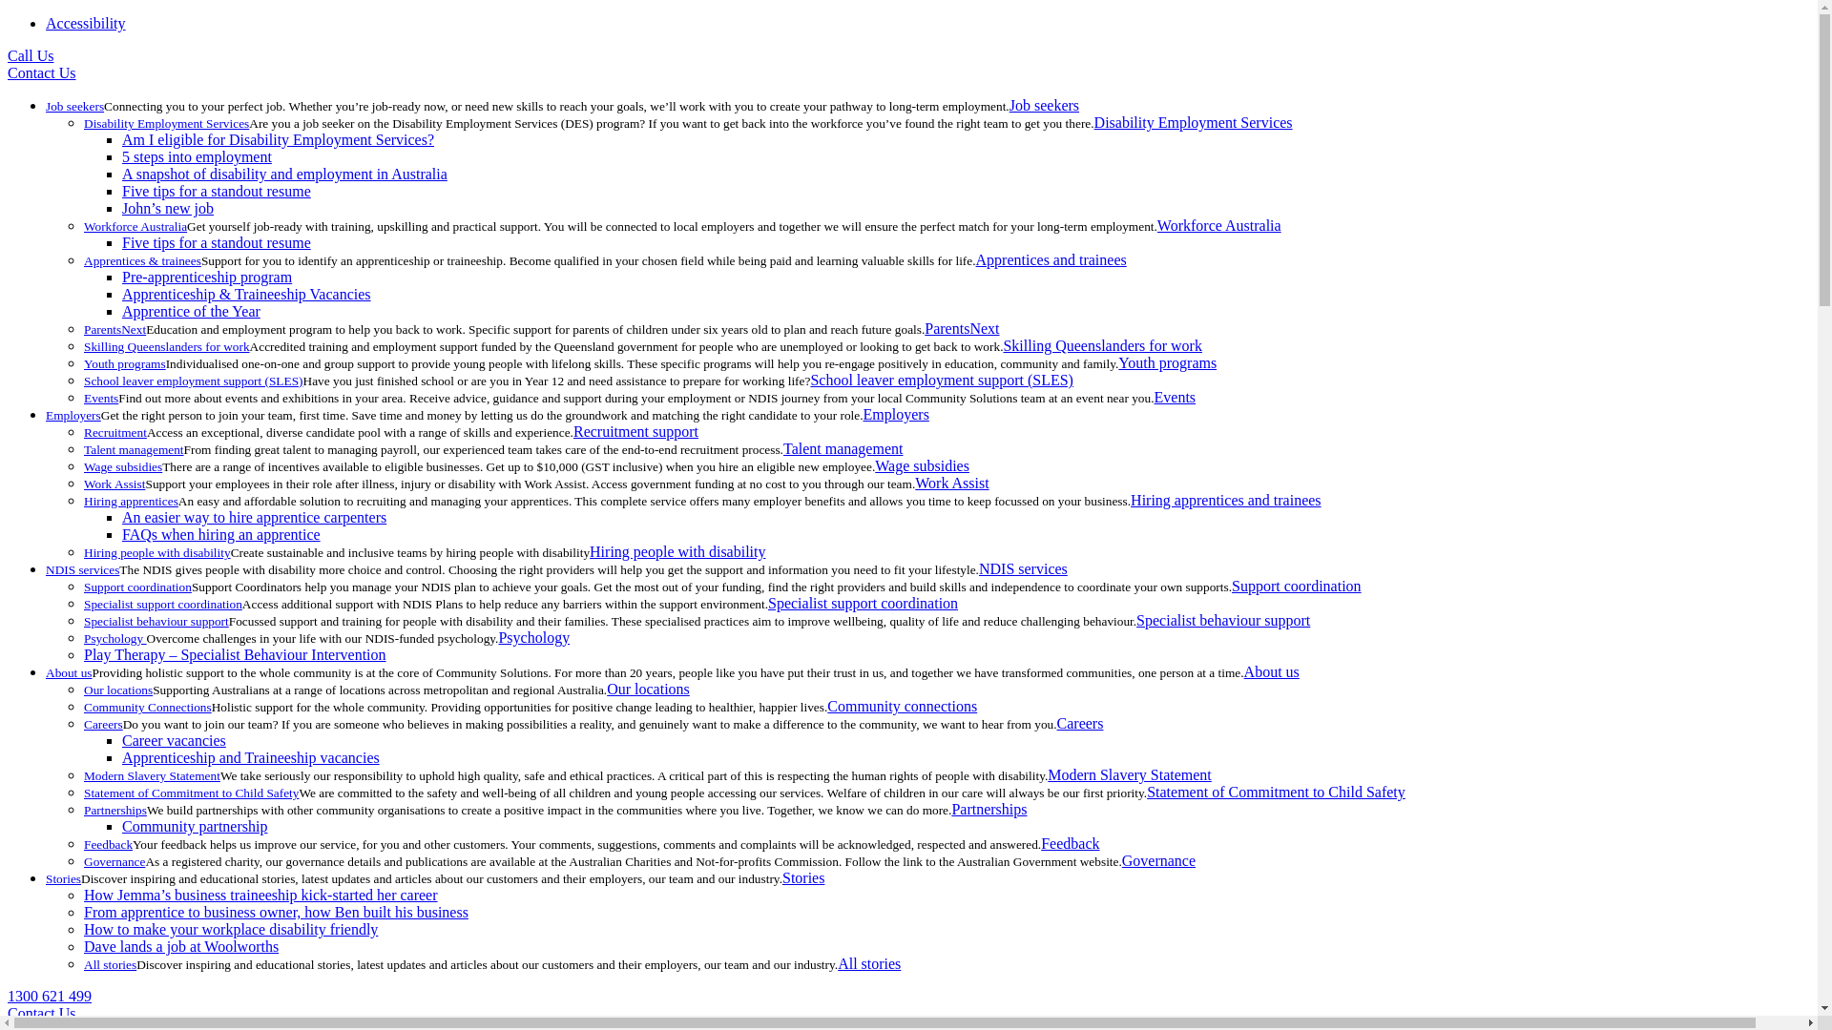  I want to click on 'Talent management', so click(842, 448).